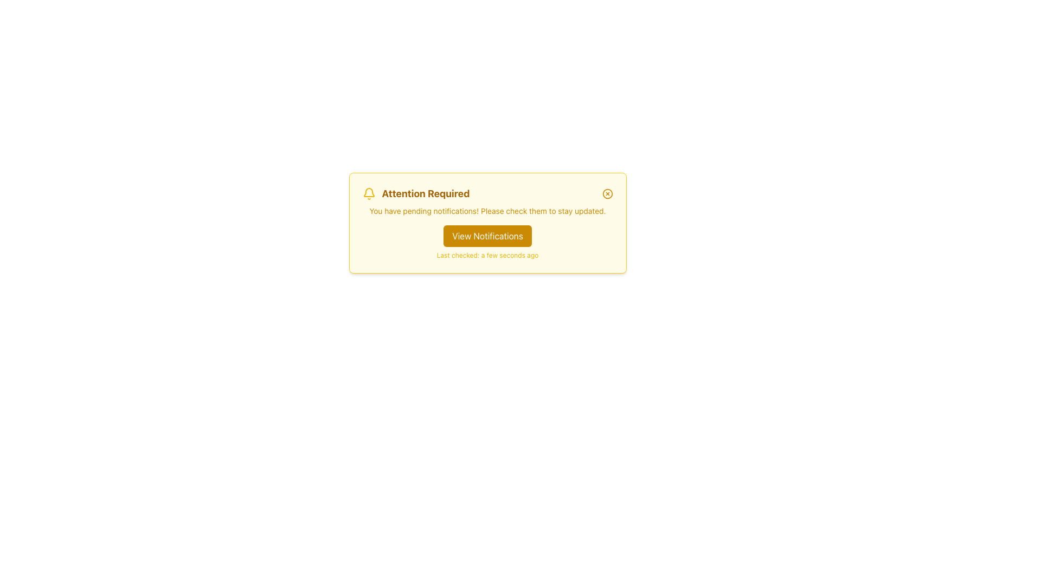  I want to click on the informational message about pending notifications, located centrally below the 'Attention Required' heading and above the 'View Notifications' button, so click(487, 211).